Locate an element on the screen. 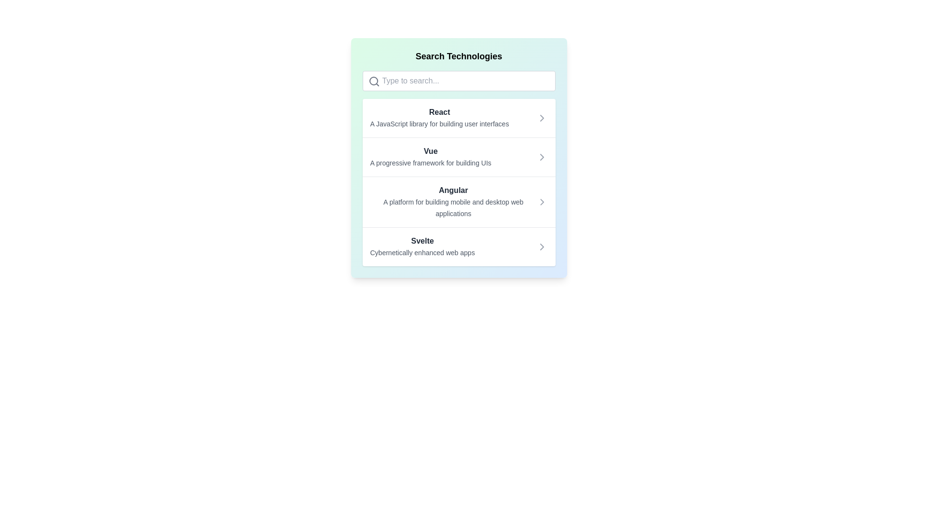  the List item that states 'Svelte' with the description 'Cybernetically enhanced web apps' is located at coordinates (458, 246).